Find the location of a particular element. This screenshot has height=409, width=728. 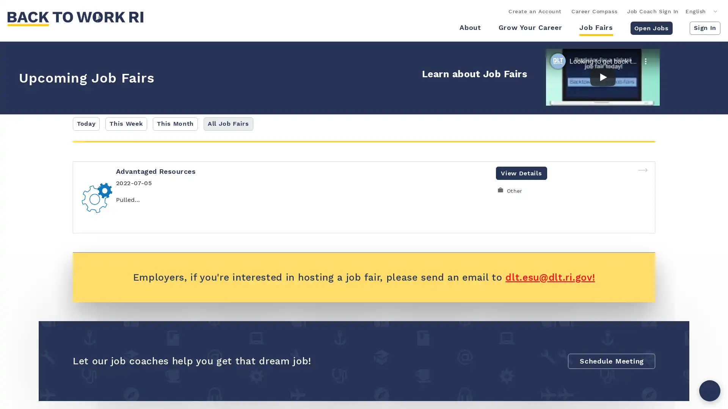

This Week is located at coordinates (126, 123).